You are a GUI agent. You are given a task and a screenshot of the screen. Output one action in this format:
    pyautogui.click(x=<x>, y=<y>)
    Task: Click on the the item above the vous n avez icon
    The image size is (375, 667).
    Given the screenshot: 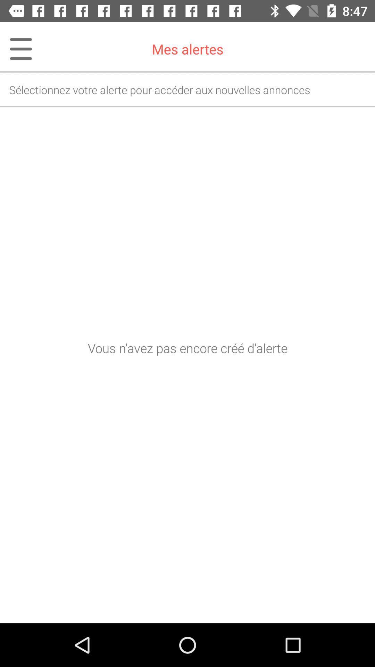 What is the action you would take?
    pyautogui.click(x=16, y=49)
    